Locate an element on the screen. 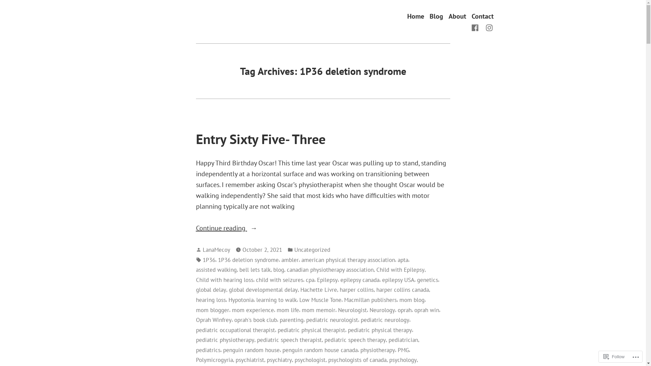  'Oprah Winfrey' is located at coordinates (213, 320).